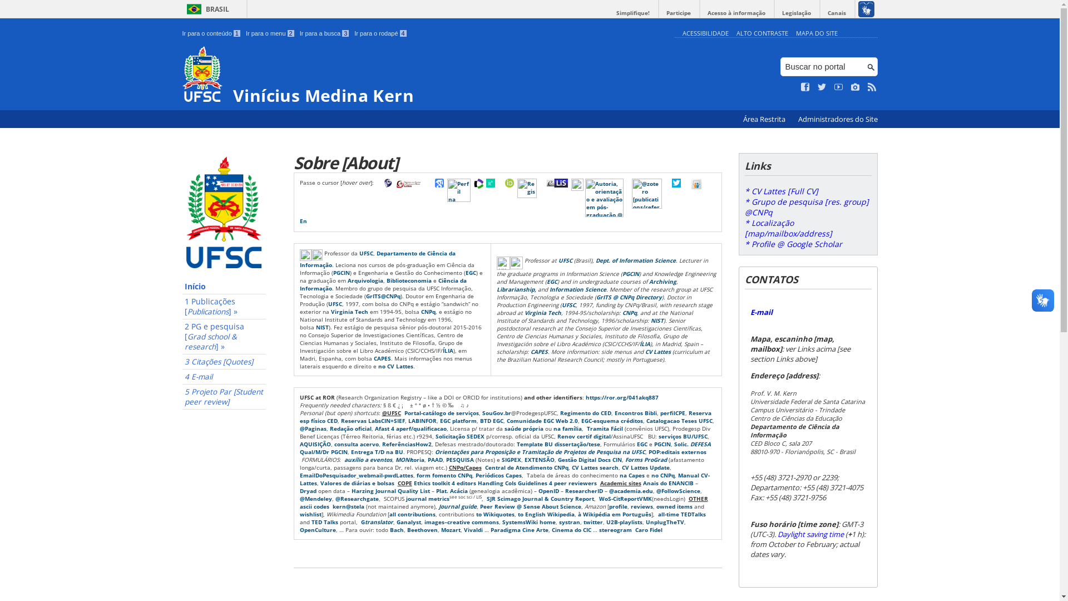  Describe the element at coordinates (557, 482) in the screenshot. I see `'Guidelines 4 peer reviewers'` at that location.